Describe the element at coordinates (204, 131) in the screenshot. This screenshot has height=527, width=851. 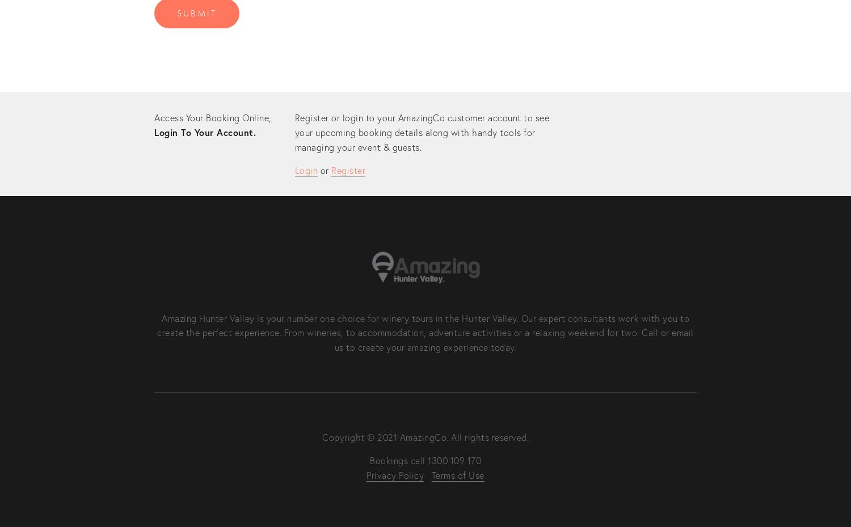
I see `'Login To Your Account.'` at that location.